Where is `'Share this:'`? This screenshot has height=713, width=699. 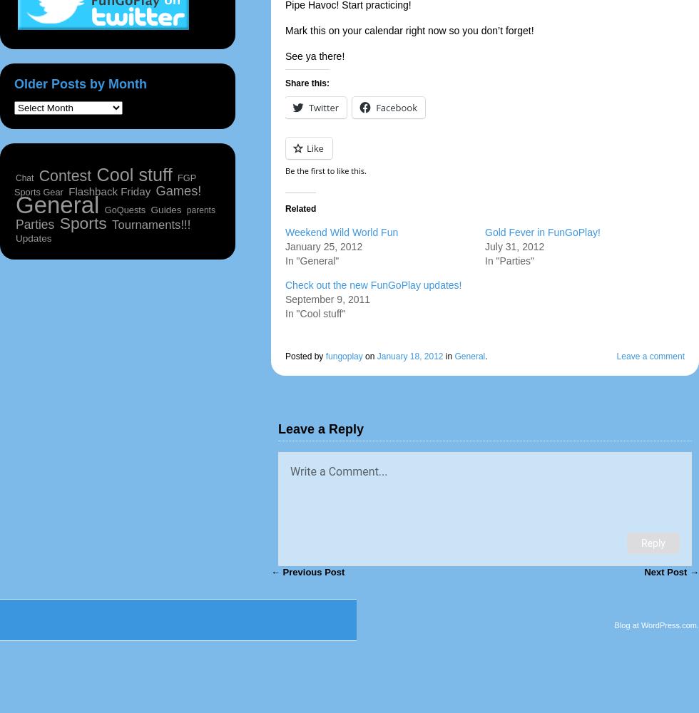
'Share this:' is located at coordinates (307, 83).